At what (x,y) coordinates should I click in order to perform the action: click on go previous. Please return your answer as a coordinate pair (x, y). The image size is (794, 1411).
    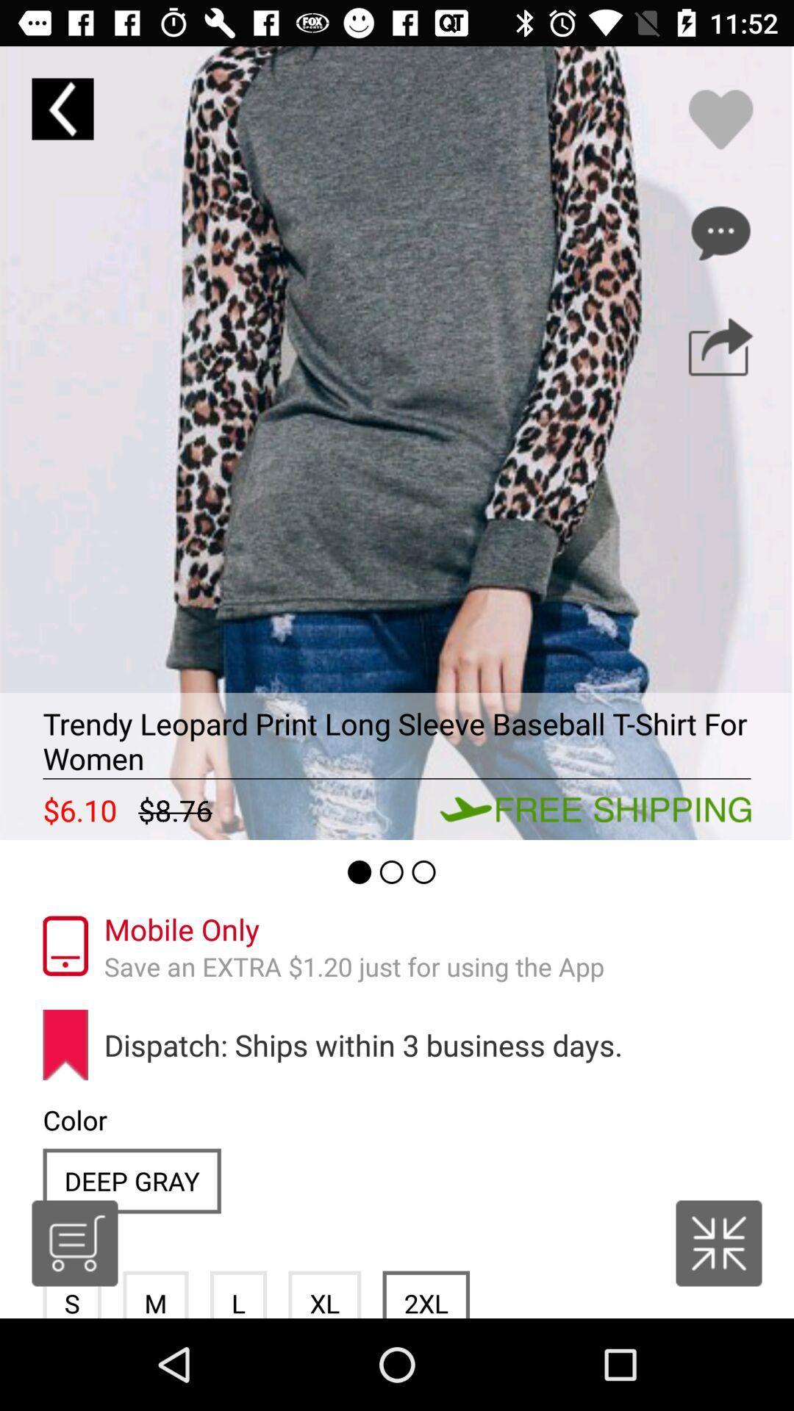
    Looking at the image, I should click on (62, 108).